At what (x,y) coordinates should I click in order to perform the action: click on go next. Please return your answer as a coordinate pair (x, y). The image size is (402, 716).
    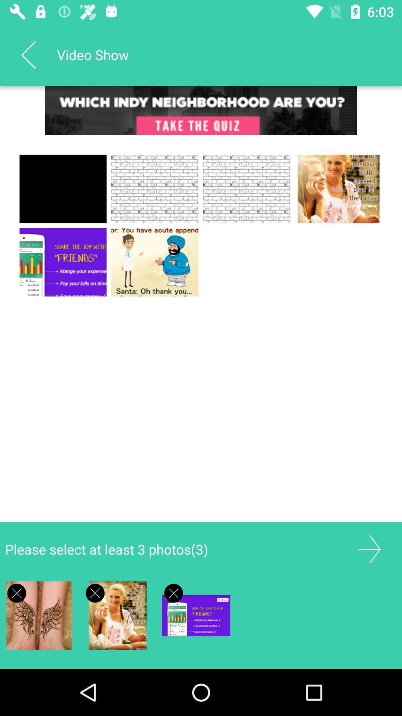
    Looking at the image, I should click on (369, 549).